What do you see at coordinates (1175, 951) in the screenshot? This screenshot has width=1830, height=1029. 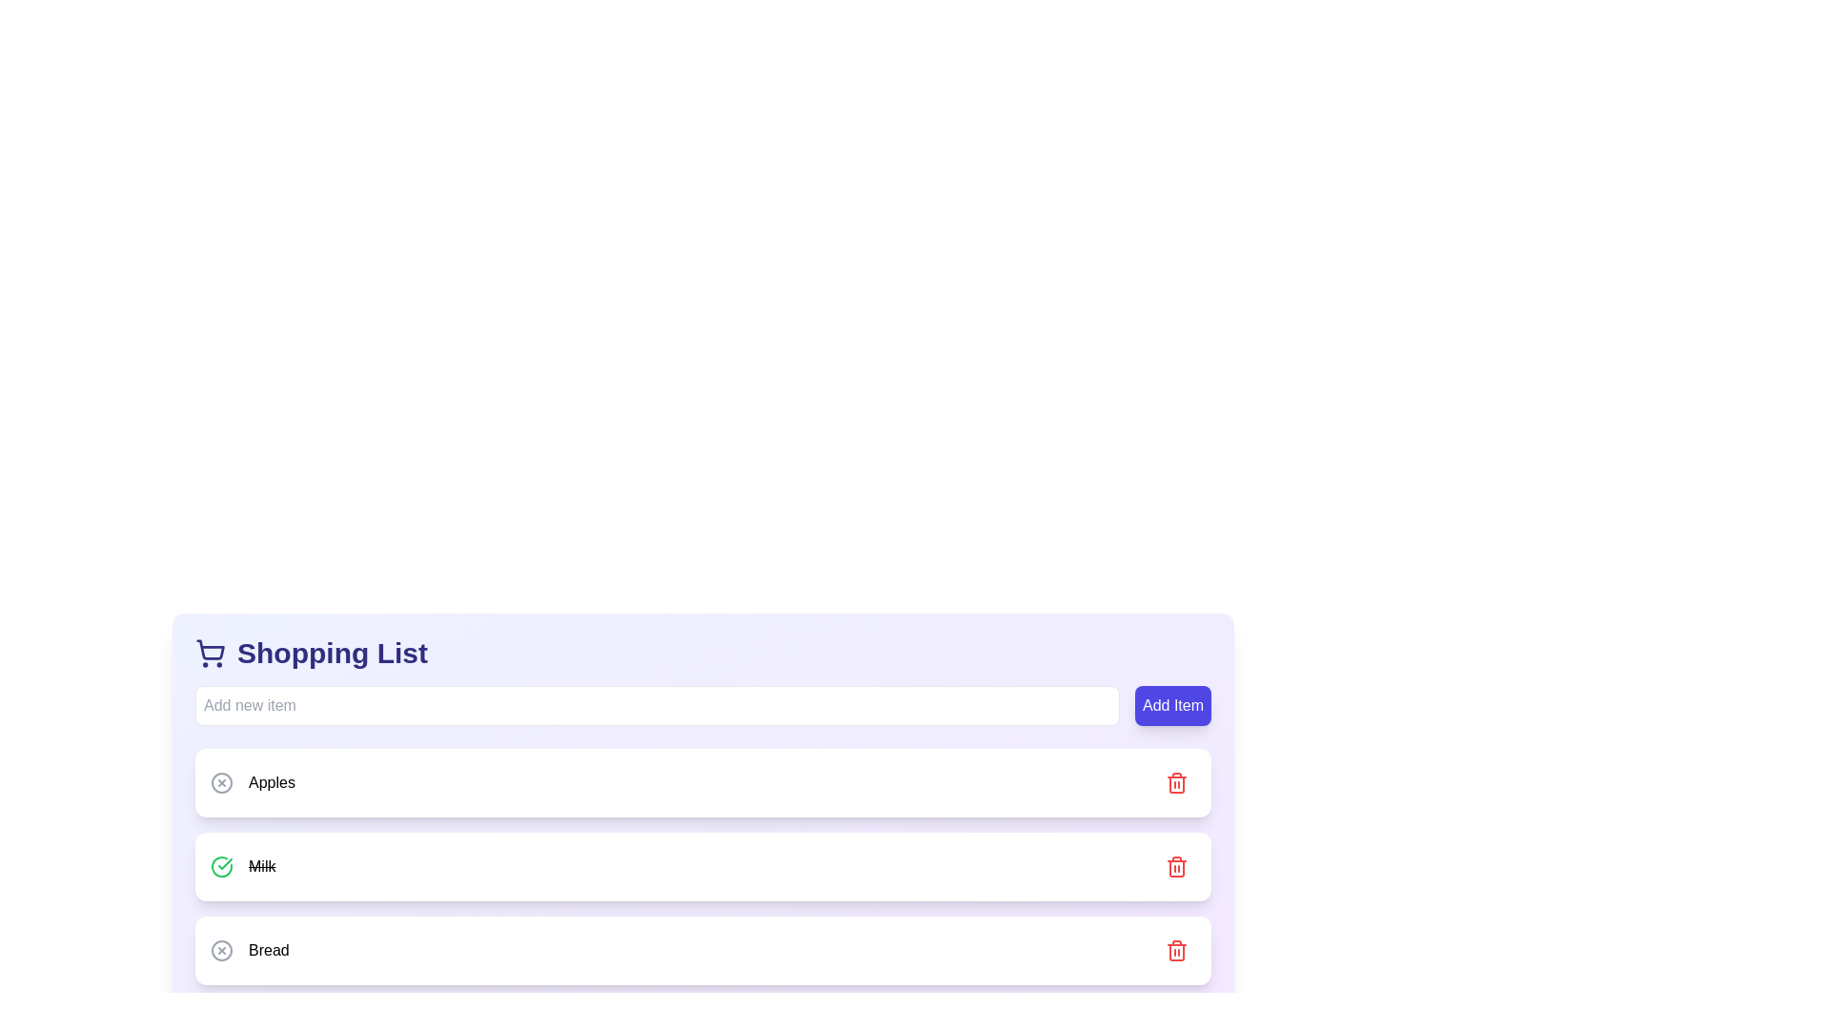 I see `the red trash can icon for deletion located in the far-right corner of the 'Bread' entry in the shopping list` at bounding box center [1175, 951].